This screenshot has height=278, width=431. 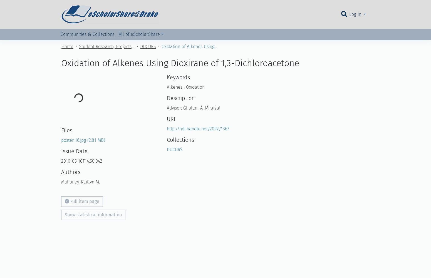 I want to click on 'Show statistical information', so click(x=93, y=214).